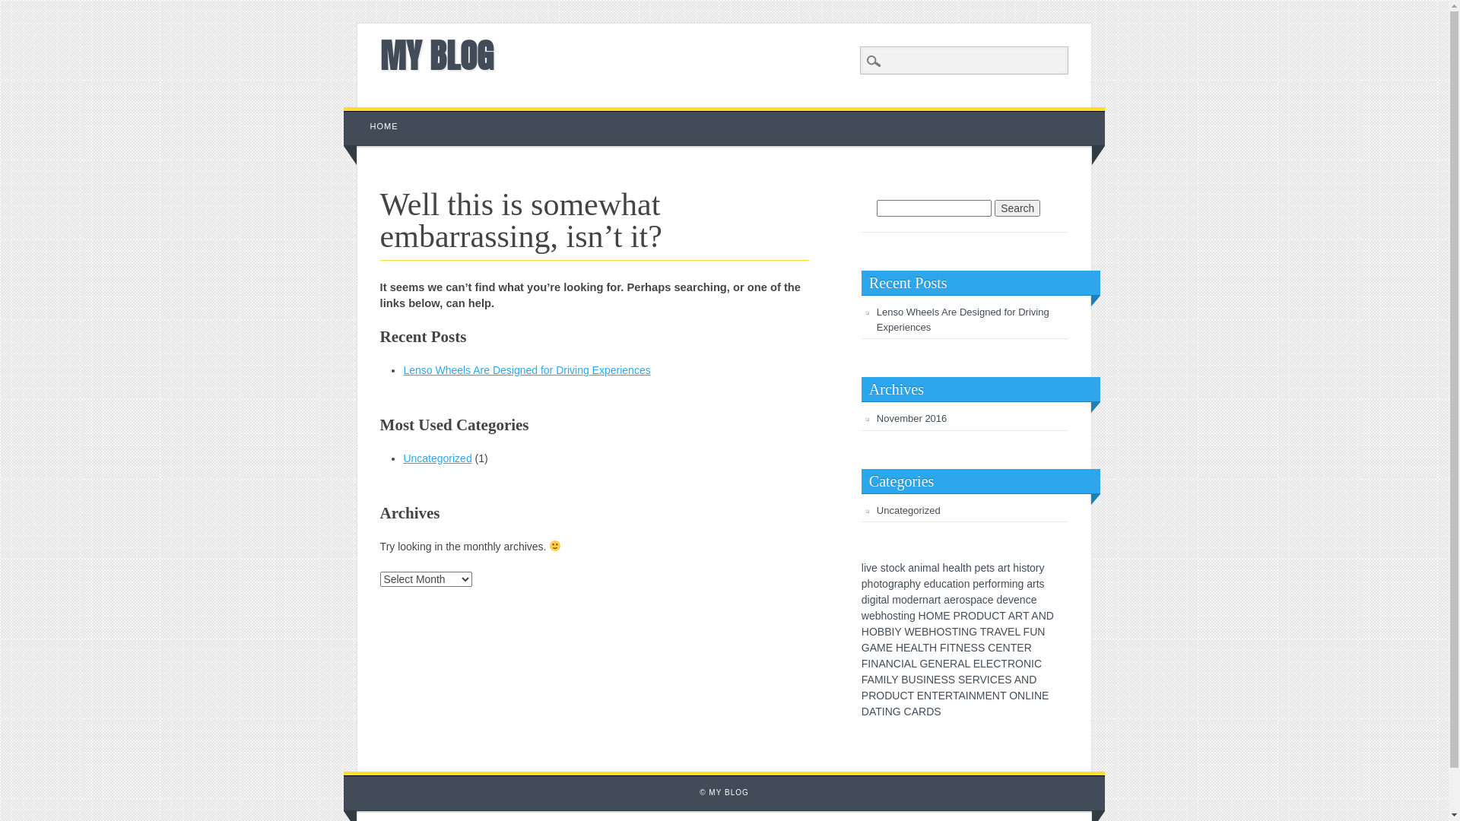 Image resolution: width=1460 pixels, height=821 pixels. Describe the element at coordinates (938, 616) in the screenshot. I see `'M'` at that location.